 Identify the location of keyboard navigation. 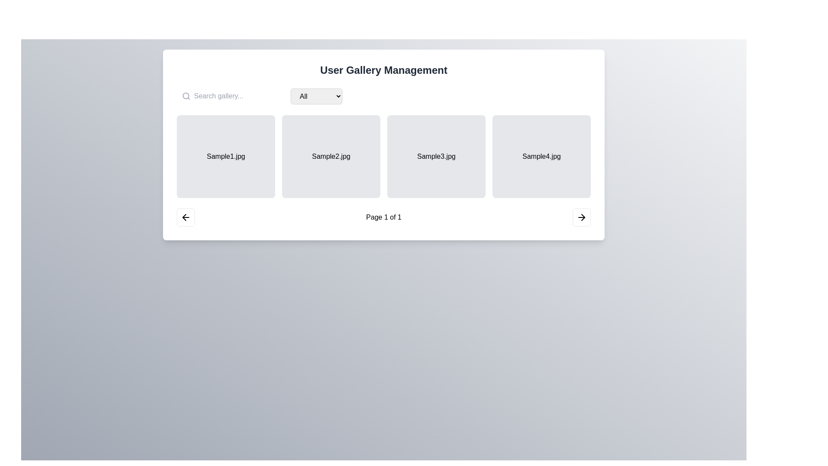
(316, 96).